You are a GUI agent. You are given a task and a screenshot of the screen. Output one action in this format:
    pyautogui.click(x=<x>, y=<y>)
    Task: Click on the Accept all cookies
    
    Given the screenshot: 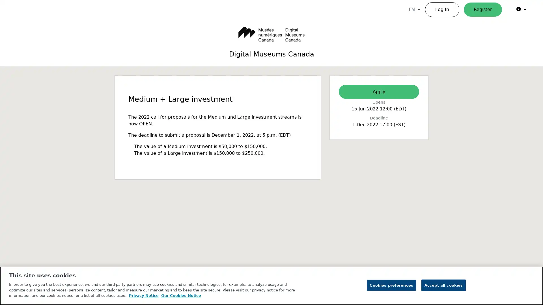 What is the action you would take?
    pyautogui.click(x=443, y=285)
    